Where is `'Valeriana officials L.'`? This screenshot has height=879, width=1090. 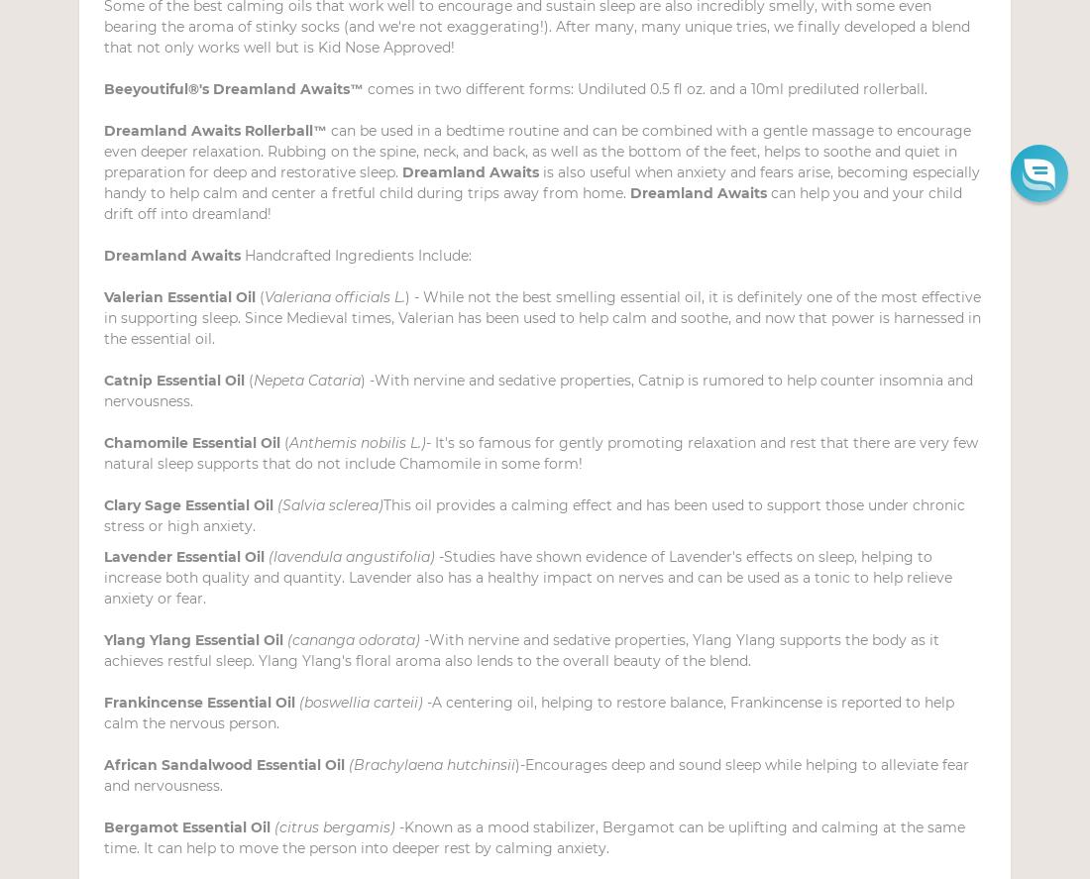
'Valeriana officials L.' is located at coordinates (334, 296).